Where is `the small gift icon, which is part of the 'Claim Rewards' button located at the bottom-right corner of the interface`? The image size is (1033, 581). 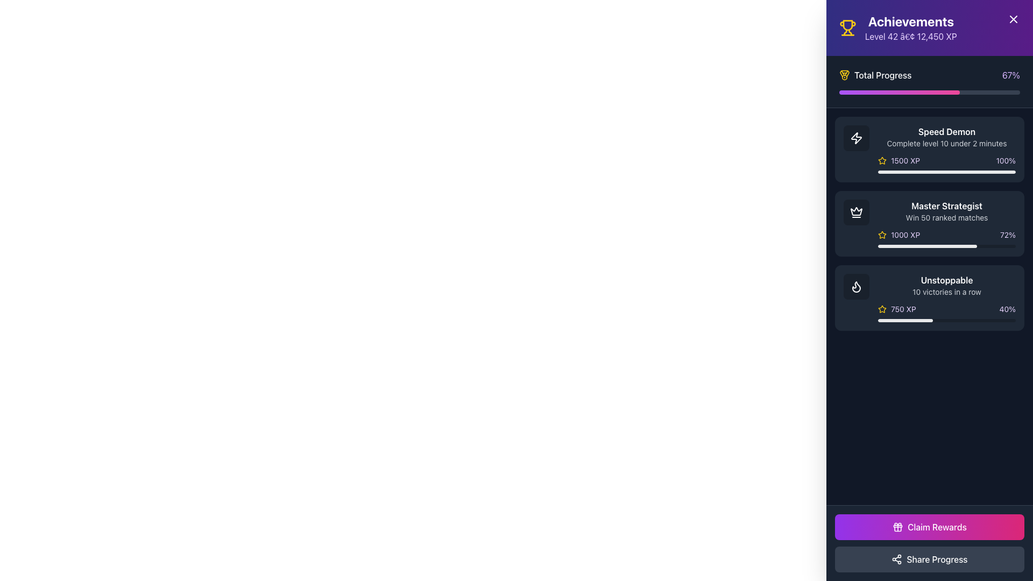 the small gift icon, which is part of the 'Claim Rewards' button located at the bottom-right corner of the interface is located at coordinates (898, 526).